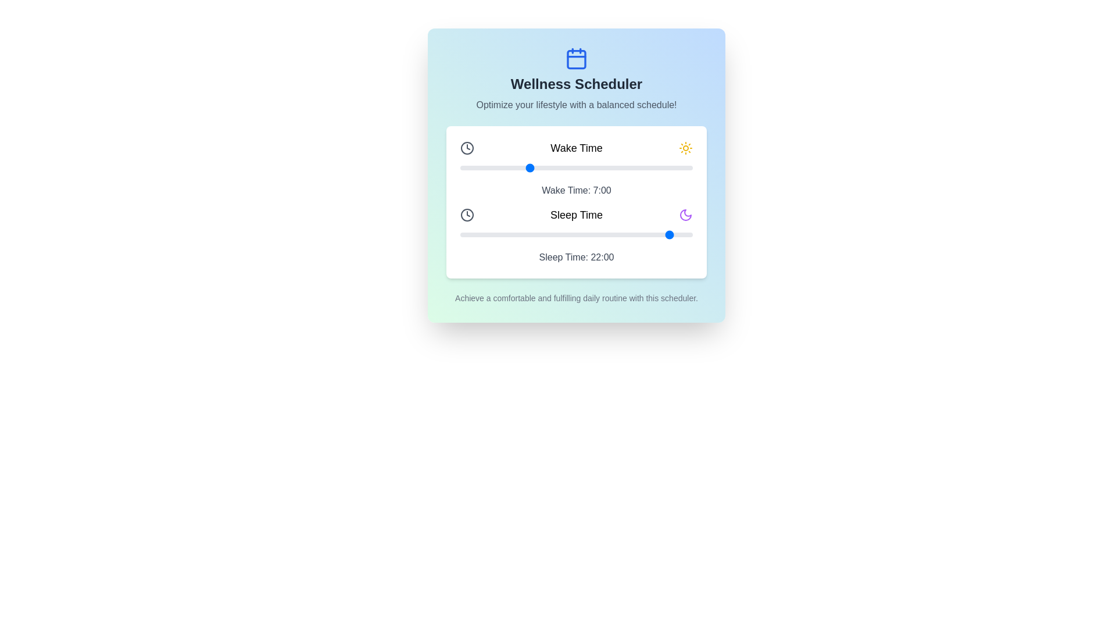 The height and width of the screenshot is (628, 1116). Describe the element at coordinates (567, 235) in the screenshot. I see `the time` at that location.